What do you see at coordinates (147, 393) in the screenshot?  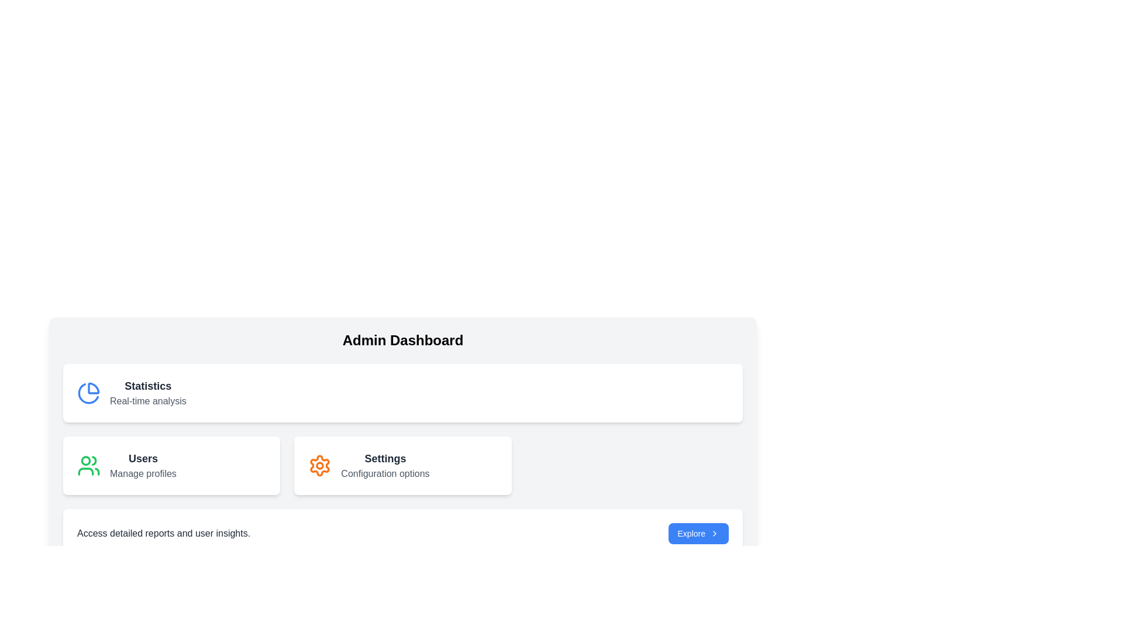 I see `the text block located in the first column of the three-column layout section below the 'Admin Dashboard' heading, which is to the immediate right of a circular pie chart icon, if interactive actions are available` at bounding box center [147, 393].